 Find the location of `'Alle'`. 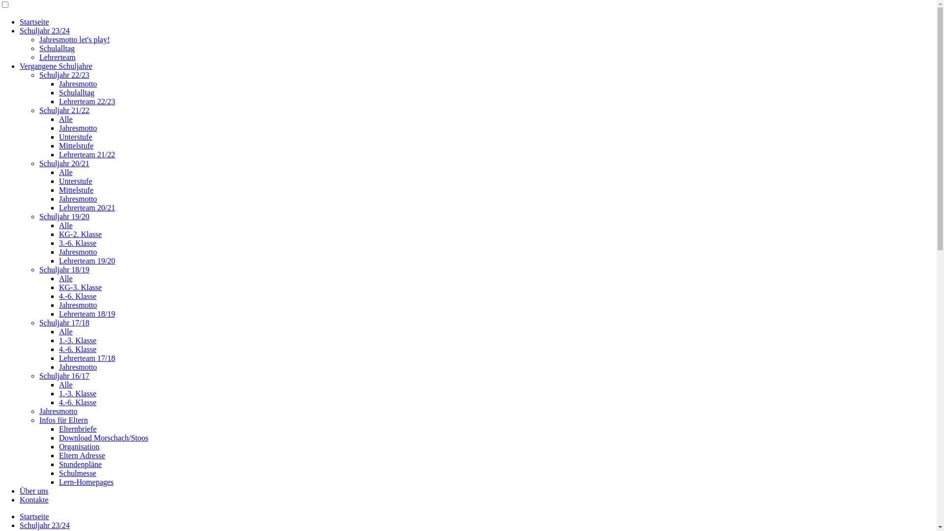

'Alle' is located at coordinates (65, 384).